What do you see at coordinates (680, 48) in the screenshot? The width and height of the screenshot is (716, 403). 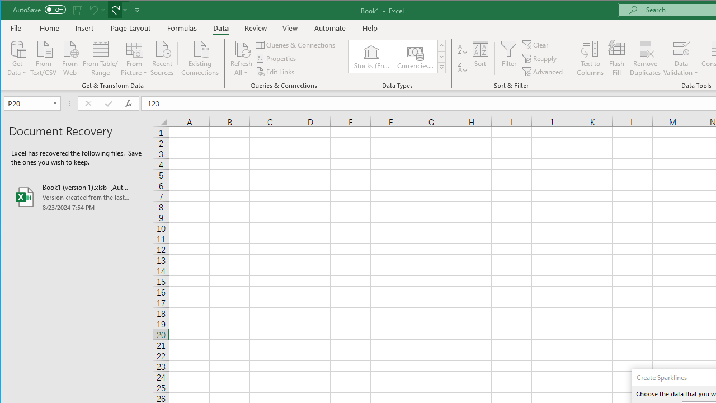 I see `'Data Validation...'` at bounding box center [680, 48].